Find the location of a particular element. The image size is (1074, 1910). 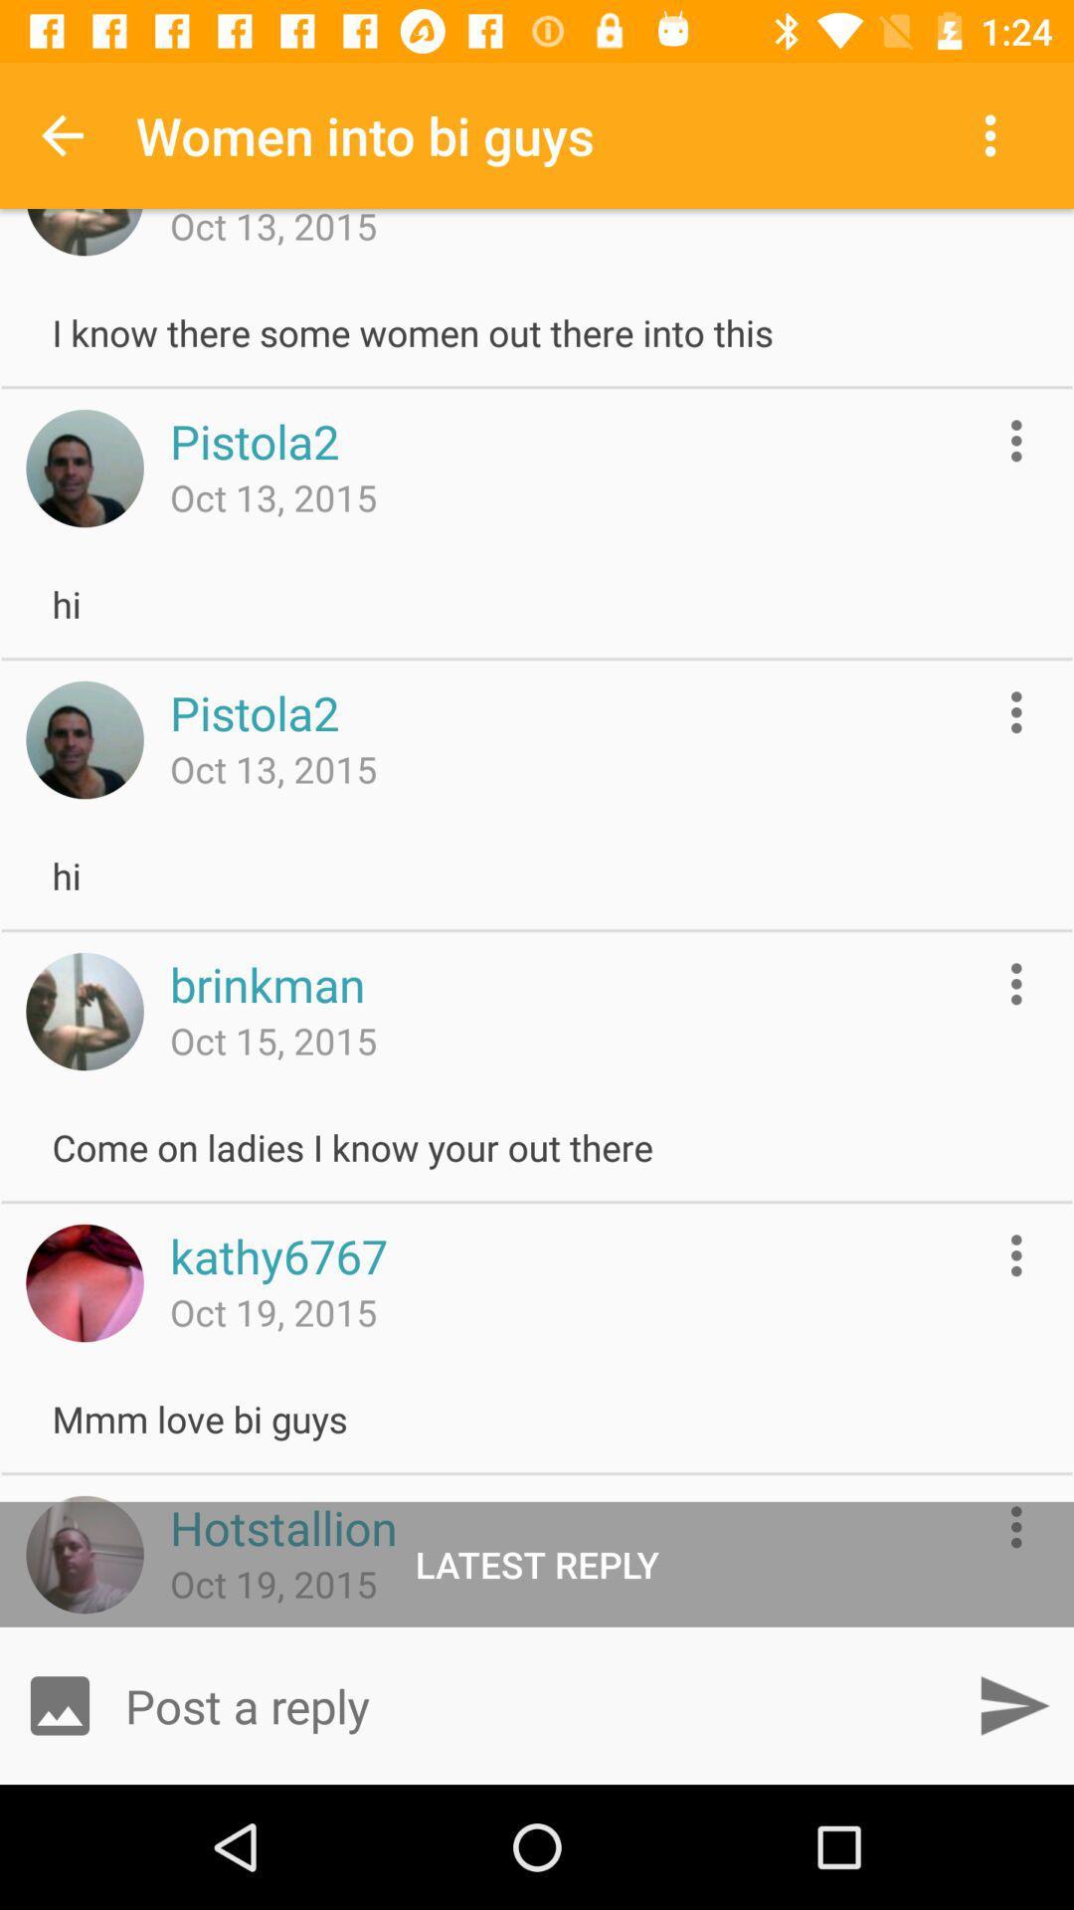

to the comment section and more option is located at coordinates (1016, 712).